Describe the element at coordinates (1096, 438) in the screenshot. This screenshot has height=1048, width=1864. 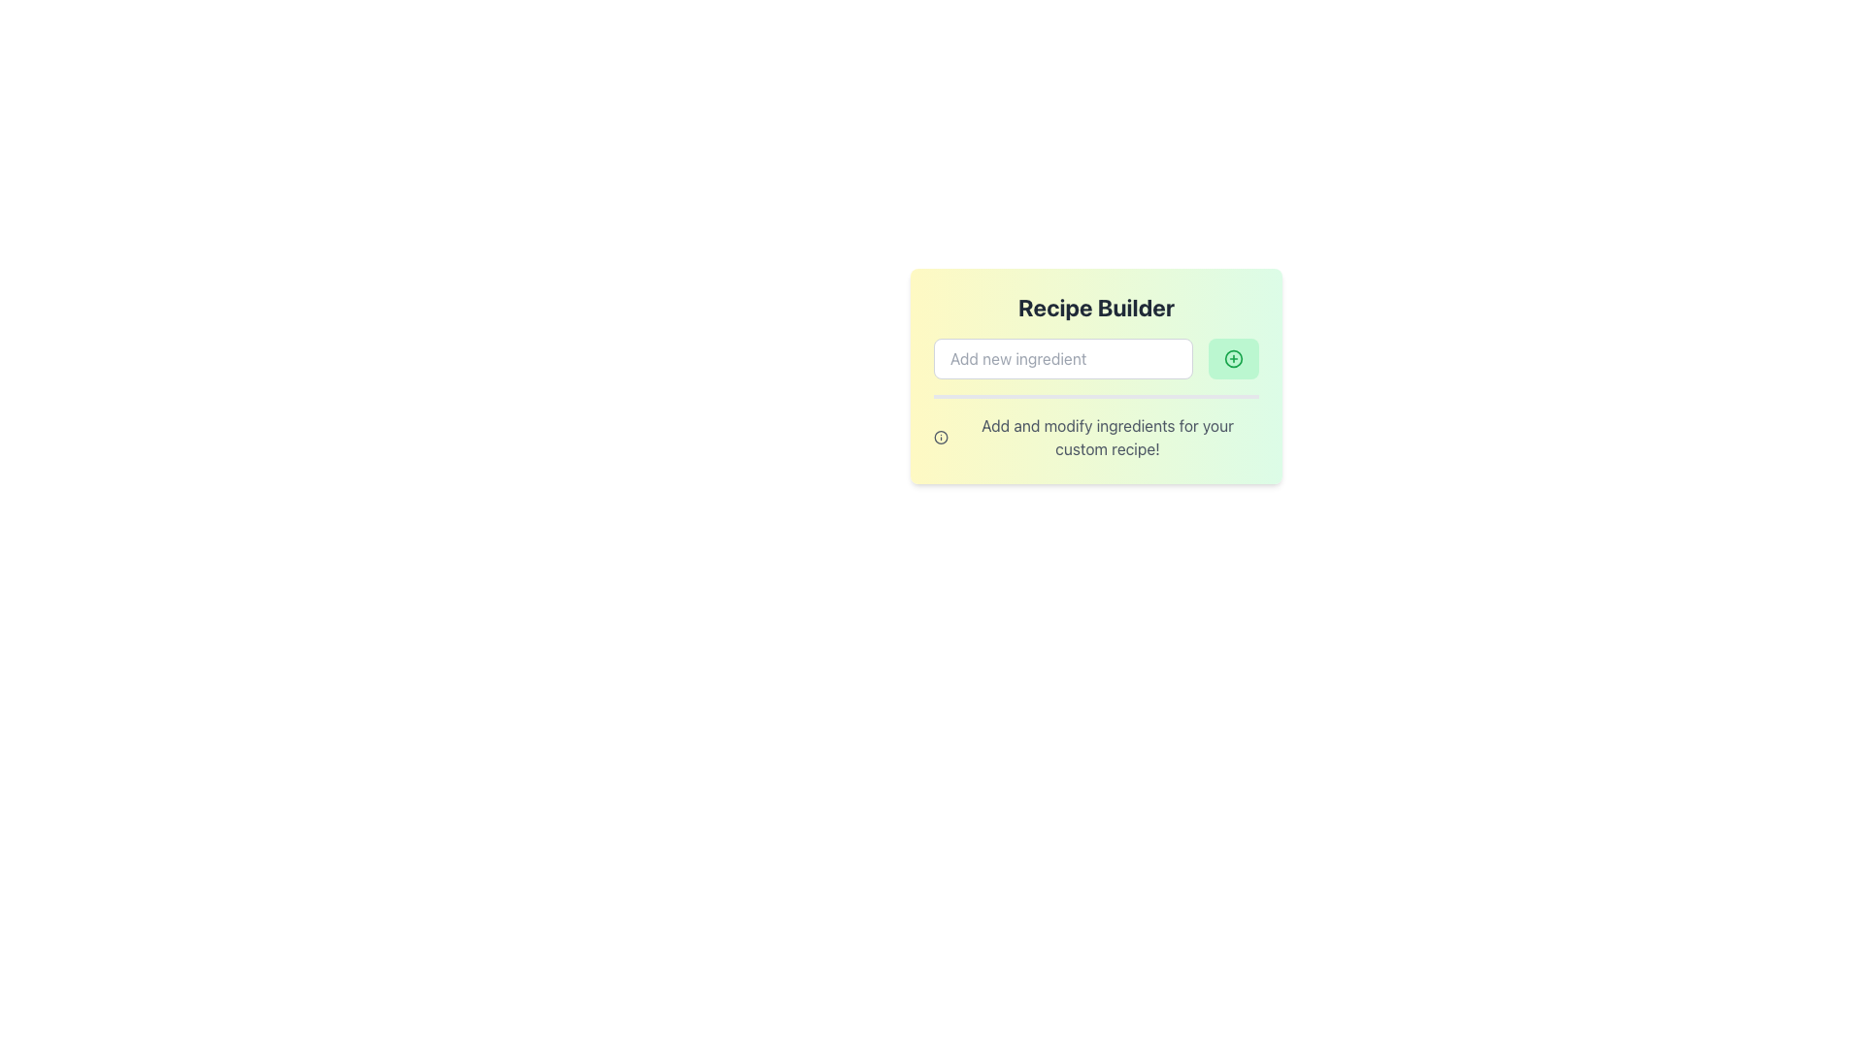
I see `informational section located under the 'Recipe Builder' header, which describes how to customize a recipe` at that location.